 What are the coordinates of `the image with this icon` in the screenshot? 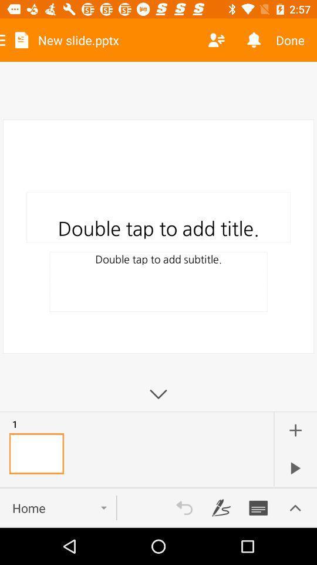 It's located at (295, 430).